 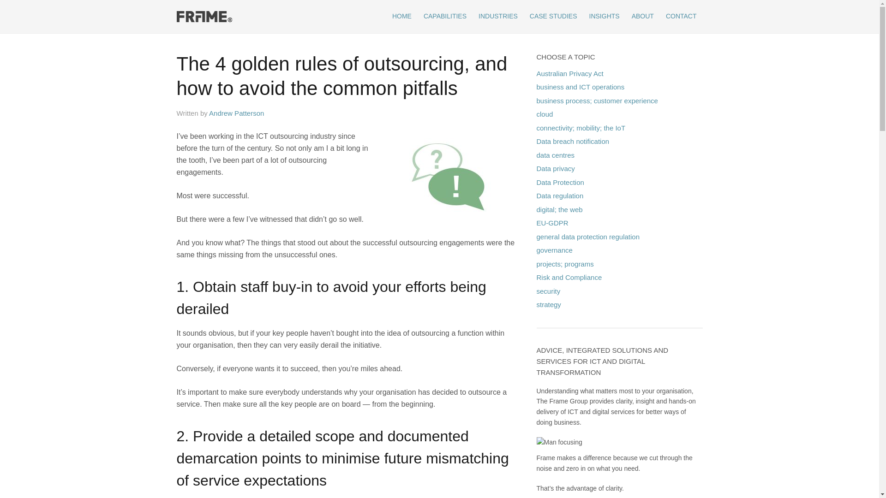 I want to click on 'data centres', so click(x=555, y=154).